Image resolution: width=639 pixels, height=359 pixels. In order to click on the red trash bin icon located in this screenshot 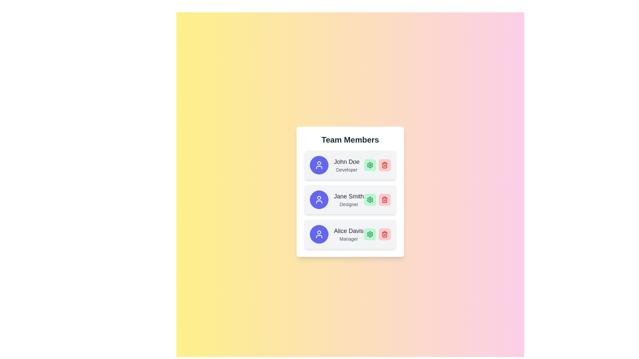, I will do `click(384, 234)`.